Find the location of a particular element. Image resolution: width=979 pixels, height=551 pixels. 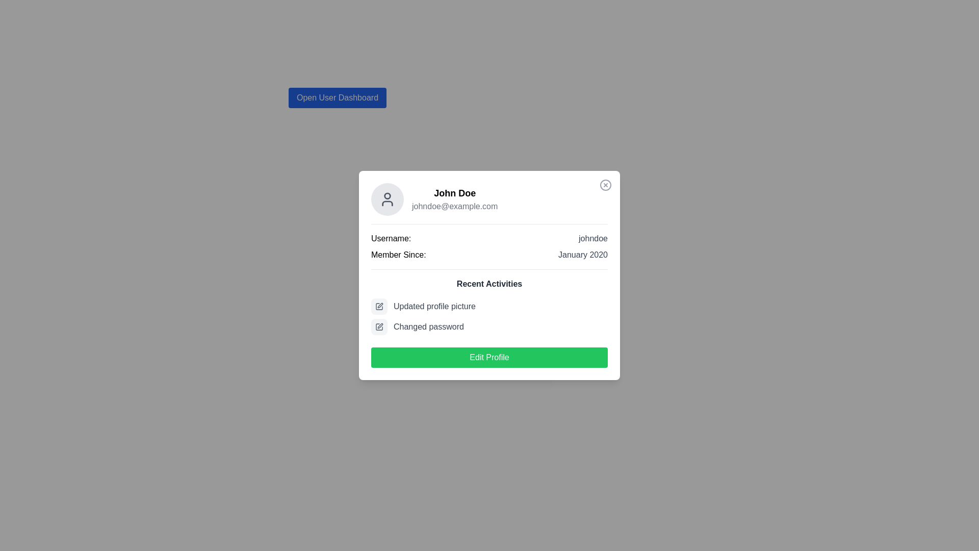

the small gray icon resembling a square with a pen overlay, indicating an editable action, located before the text 'Updated profile picture' in the recent activities section of the user information card layout is located at coordinates (379, 306).